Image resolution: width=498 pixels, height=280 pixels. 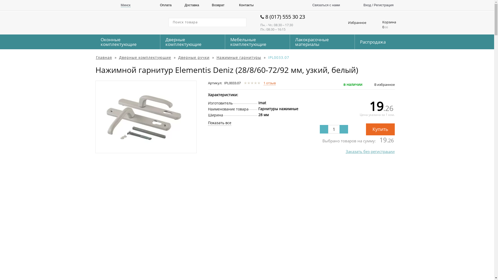 I want to click on '8 (017) 555 30 23', so click(x=289, y=17).